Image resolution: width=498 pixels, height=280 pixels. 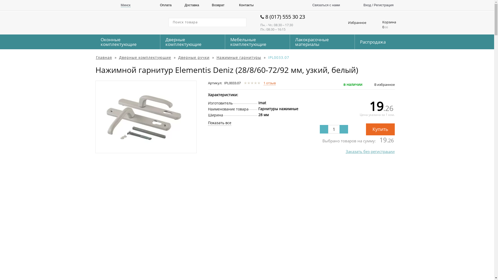 I want to click on '8 (017) 555 30 23', so click(x=289, y=17).